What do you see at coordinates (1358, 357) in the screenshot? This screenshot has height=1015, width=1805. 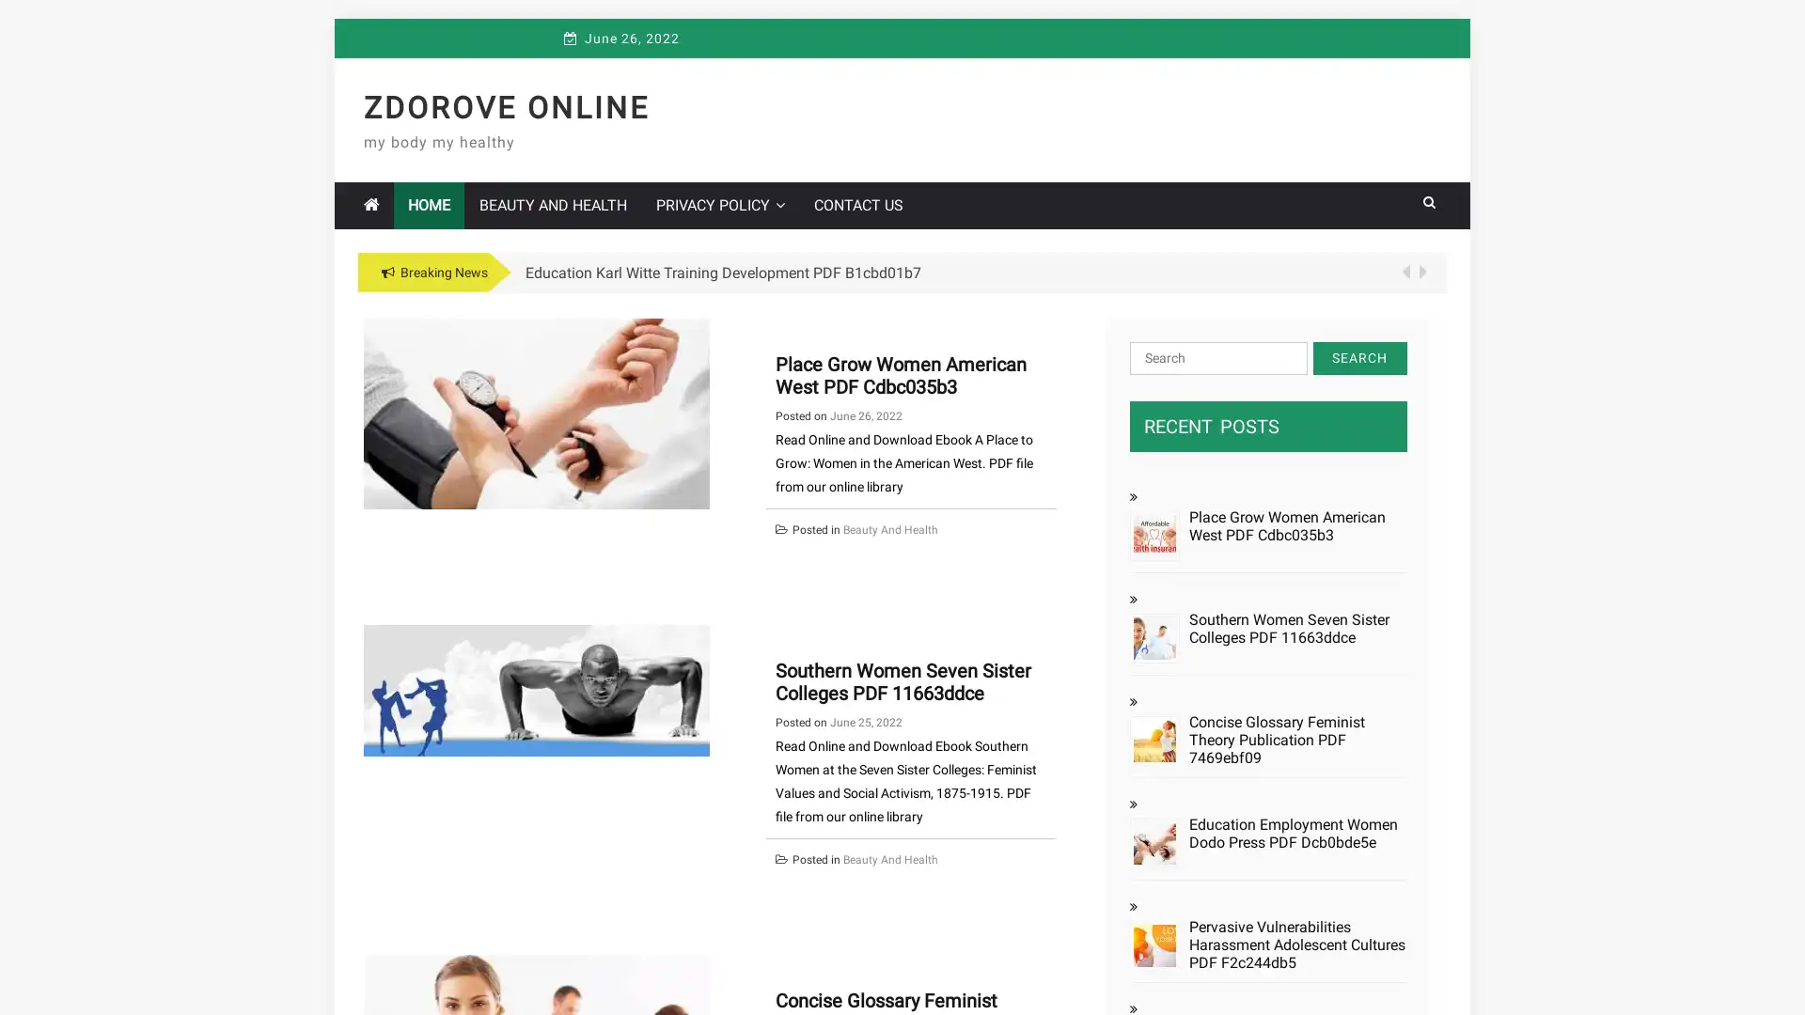 I see `Search` at bounding box center [1358, 357].